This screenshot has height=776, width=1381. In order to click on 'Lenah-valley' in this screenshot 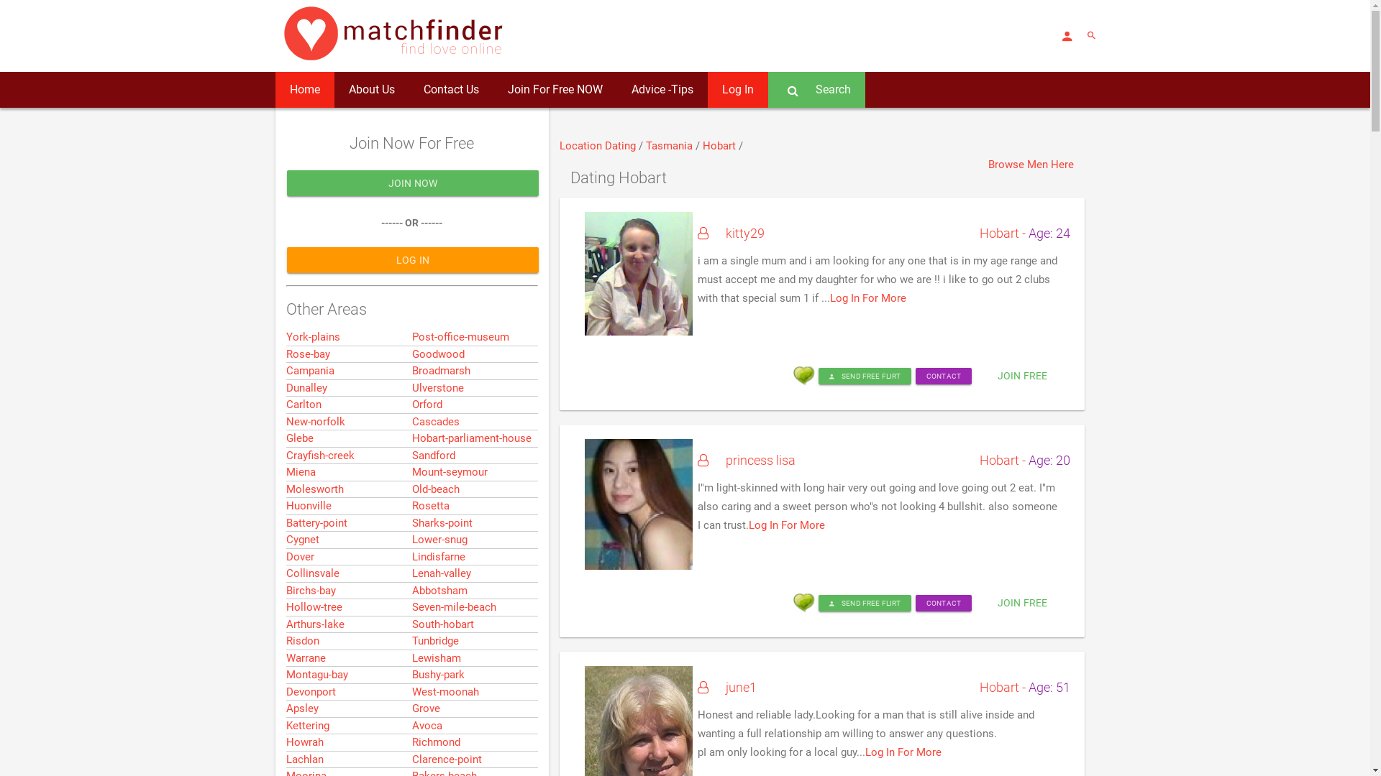, I will do `click(440, 573)`.